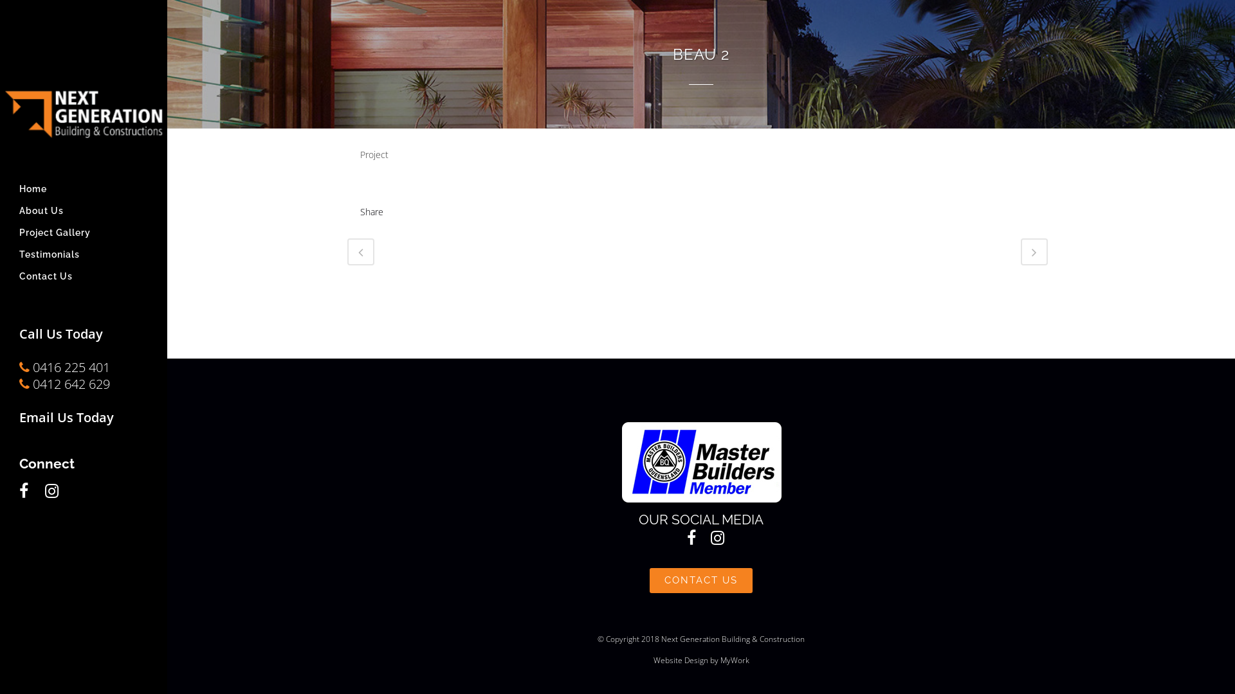  What do you see at coordinates (82, 209) in the screenshot?
I see `'About Us'` at bounding box center [82, 209].